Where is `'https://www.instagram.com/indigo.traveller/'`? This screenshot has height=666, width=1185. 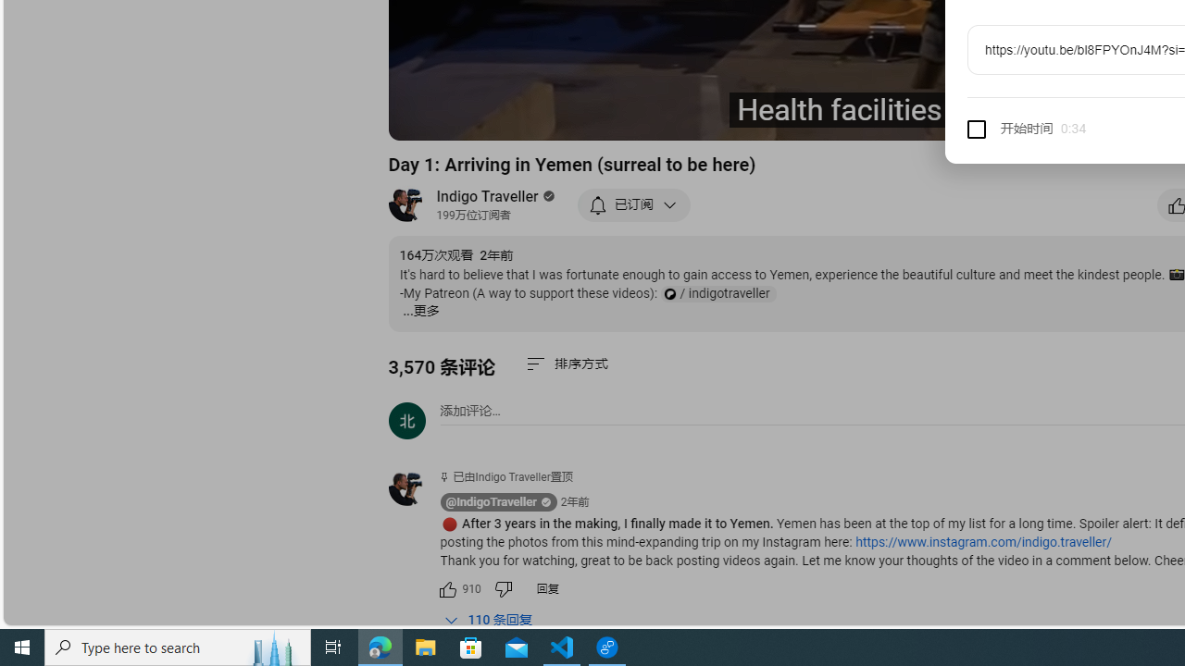 'https://www.instagram.com/indigo.traveller/' is located at coordinates (982, 541).